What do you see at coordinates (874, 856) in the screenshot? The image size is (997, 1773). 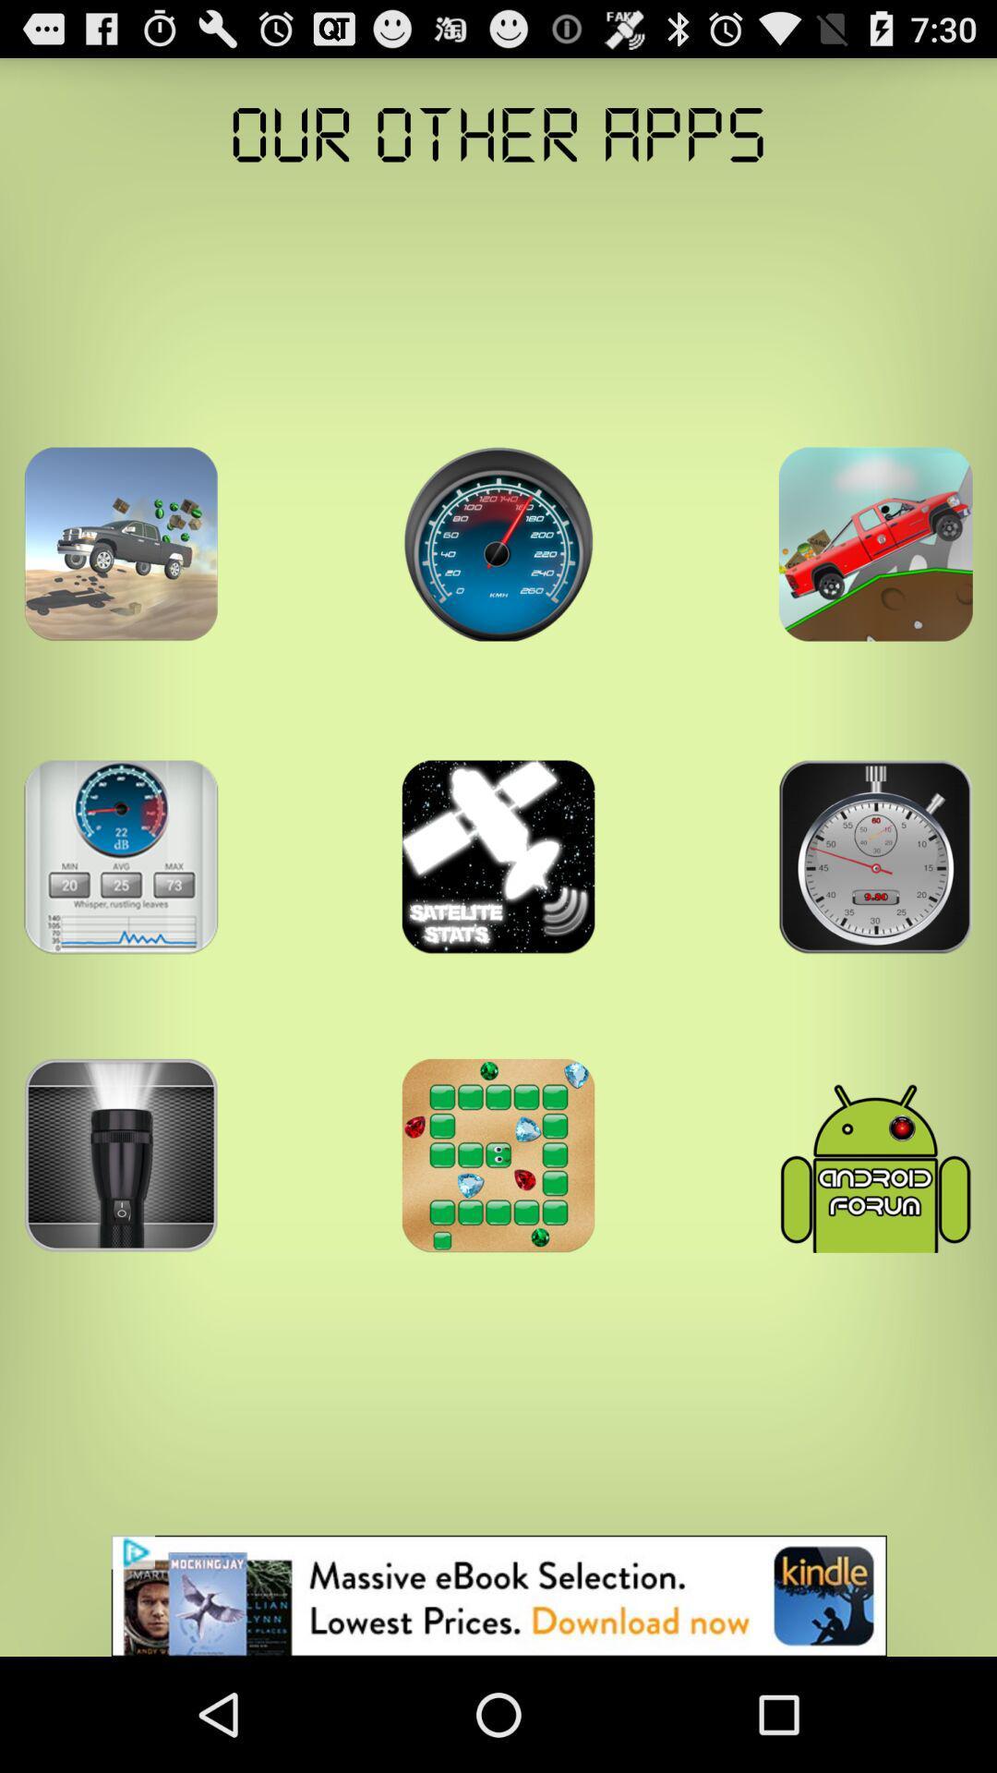 I see `stopwatch` at bounding box center [874, 856].